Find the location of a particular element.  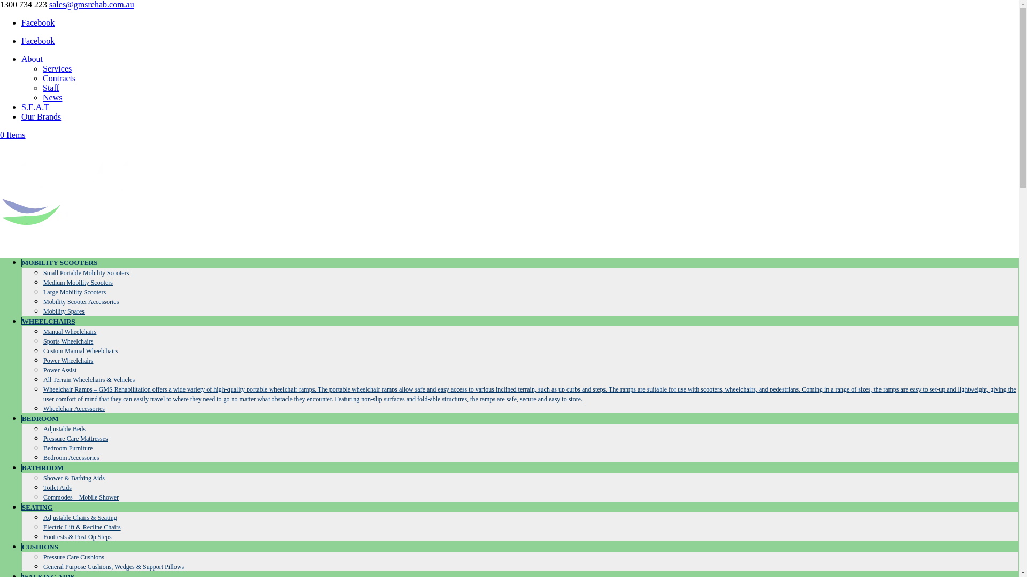

'Bedroom Furniture' is located at coordinates (67, 448).